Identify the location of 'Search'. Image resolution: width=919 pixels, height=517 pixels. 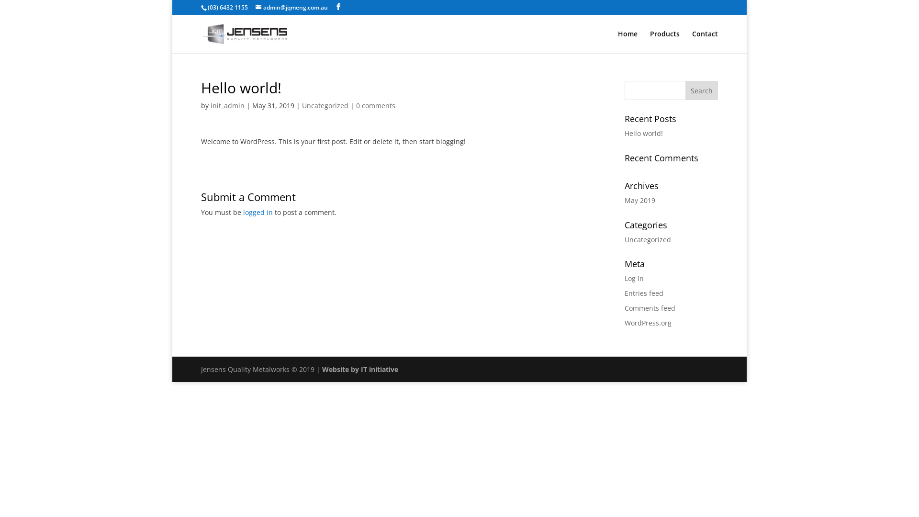
(684, 90).